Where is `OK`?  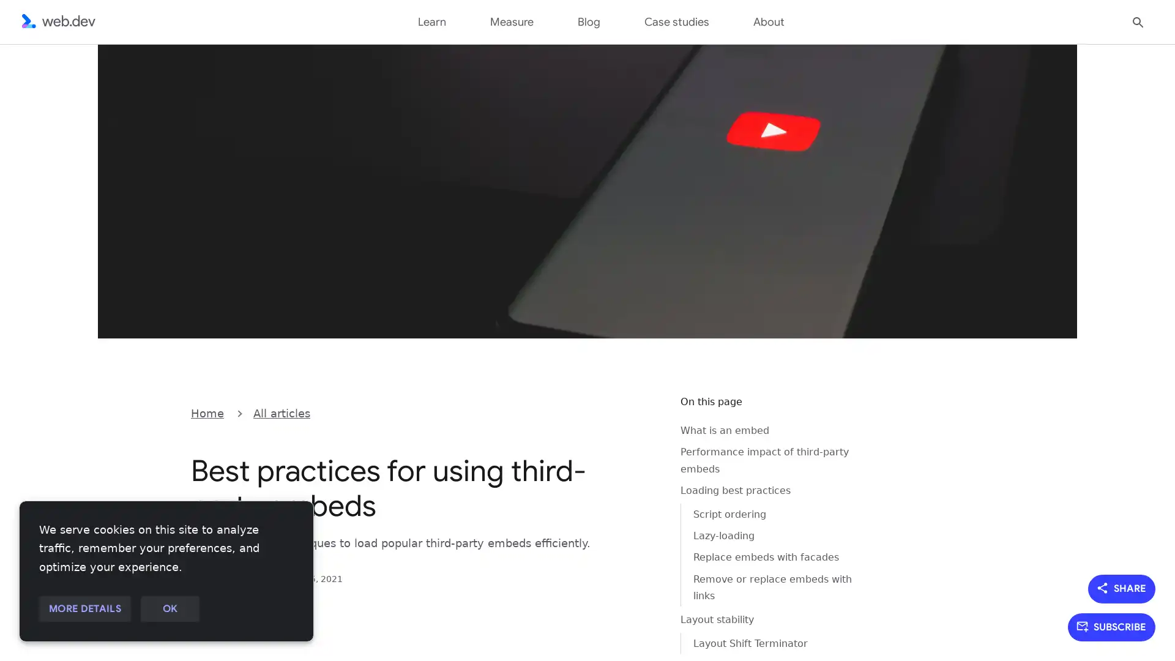 OK is located at coordinates (169, 609).